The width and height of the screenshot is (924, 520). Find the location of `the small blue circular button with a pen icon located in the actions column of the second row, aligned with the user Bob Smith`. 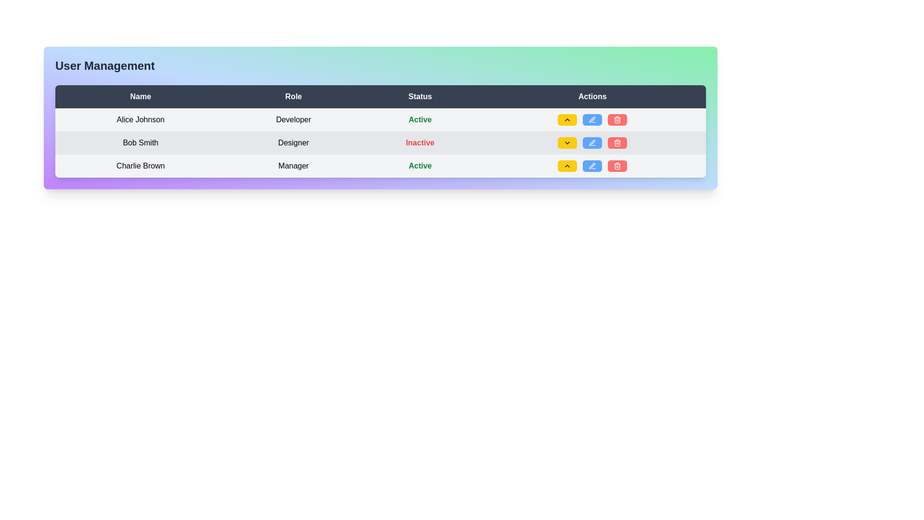

the small blue circular button with a pen icon located in the actions column of the second row, aligned with the user Bob Smith is located at coordinates (592, 119).